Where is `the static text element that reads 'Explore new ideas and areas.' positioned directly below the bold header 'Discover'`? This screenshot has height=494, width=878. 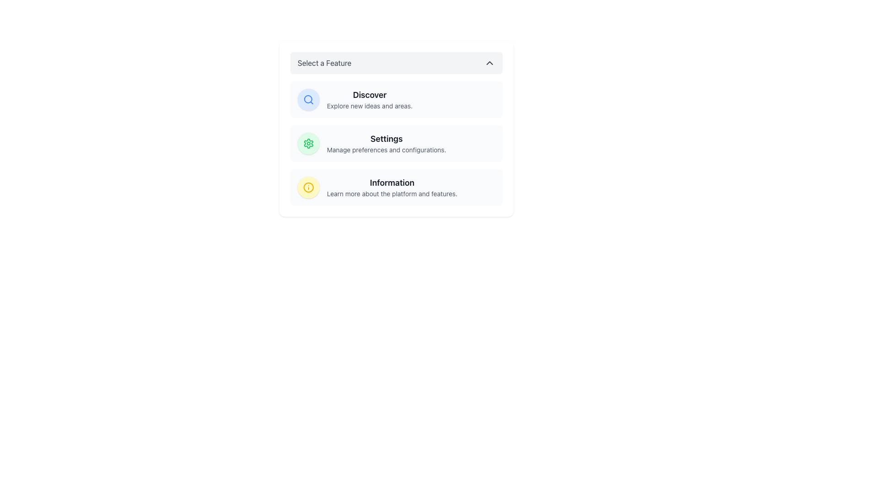
the static text element that reads 'Explore new ideas and areas.' positioned directly below the bold header 'Discover' is located at coordinates (369, 105).